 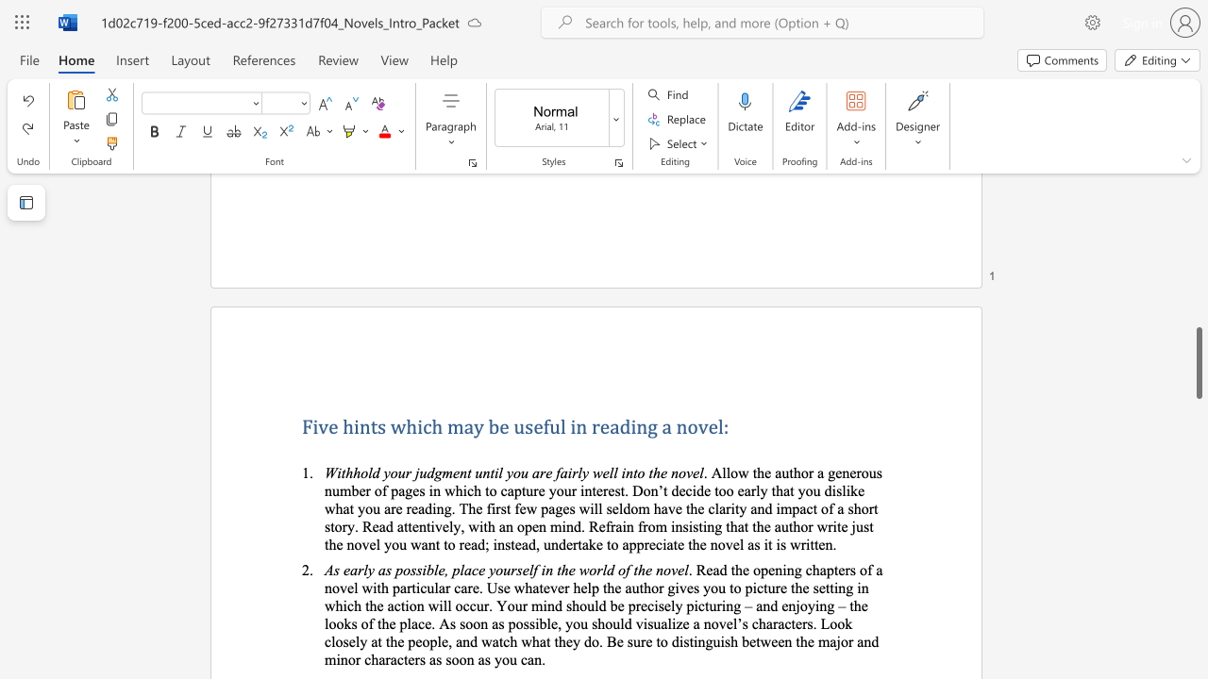 I want to click on the space between the continuous character "u" and "i" in the text, so click(x=718, y=640).